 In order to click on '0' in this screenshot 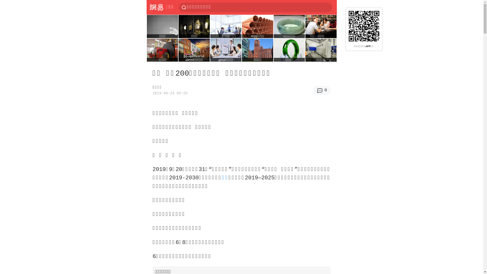, I will do `click(322, 90)`.